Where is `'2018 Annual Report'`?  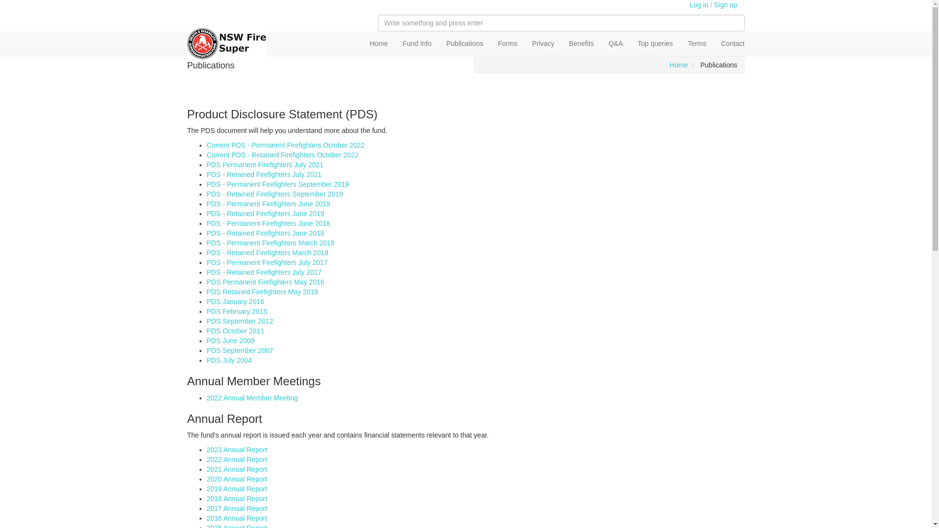 '2018 Annual Report' is located at coordinates (206, 498).